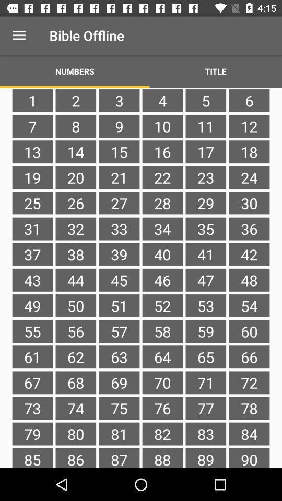 Image resolution: width=282 pixels, height=501 pixels. I want to click on the item to the right of the 63, so click(162, 382).